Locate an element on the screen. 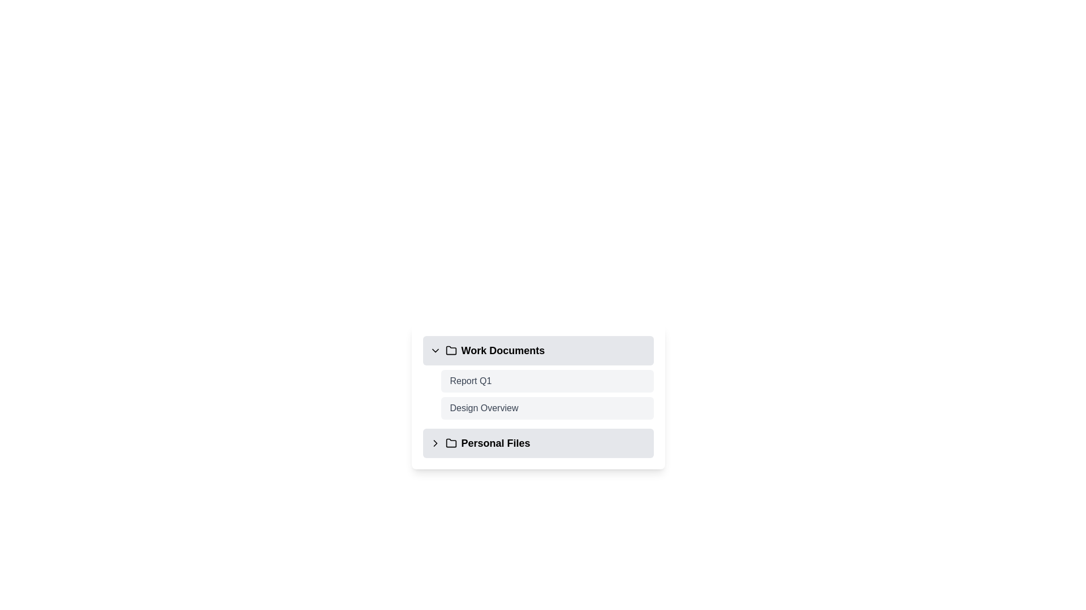 Image resolution: width=1086 pixels, height=610 pixels. the collapsible/expandable icon next to the 'Personal Files' folder is located at coordinates (434, 443).